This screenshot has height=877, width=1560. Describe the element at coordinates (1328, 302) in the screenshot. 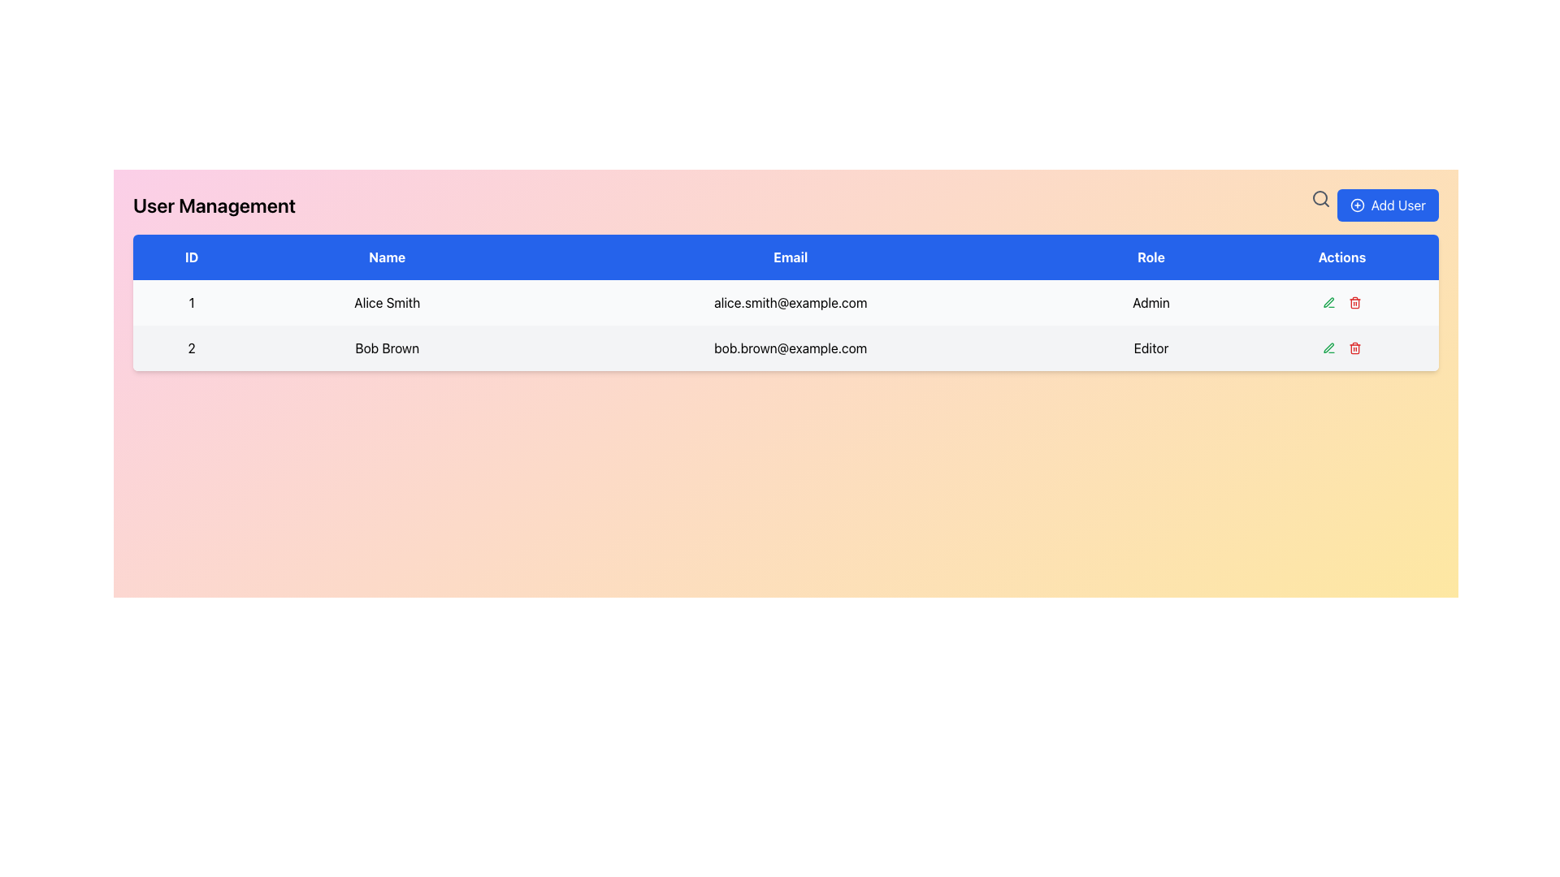

I see `the edit button for user 'Bob Brown' located in the 'Actions' column of the second row in the table, which features a pen icon` at that location.